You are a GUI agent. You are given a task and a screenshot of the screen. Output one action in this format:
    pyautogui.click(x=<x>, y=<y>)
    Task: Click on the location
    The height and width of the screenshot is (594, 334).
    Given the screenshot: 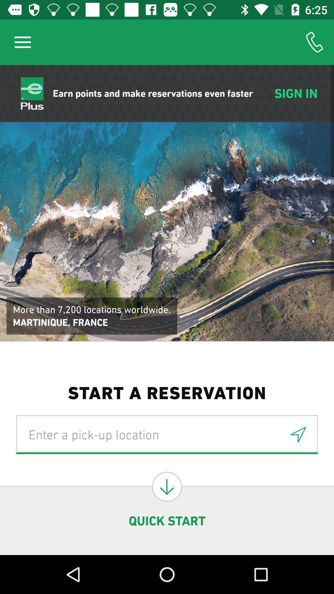 What is the action you would take?
    pyautogui.click(x=298, y=434)
    